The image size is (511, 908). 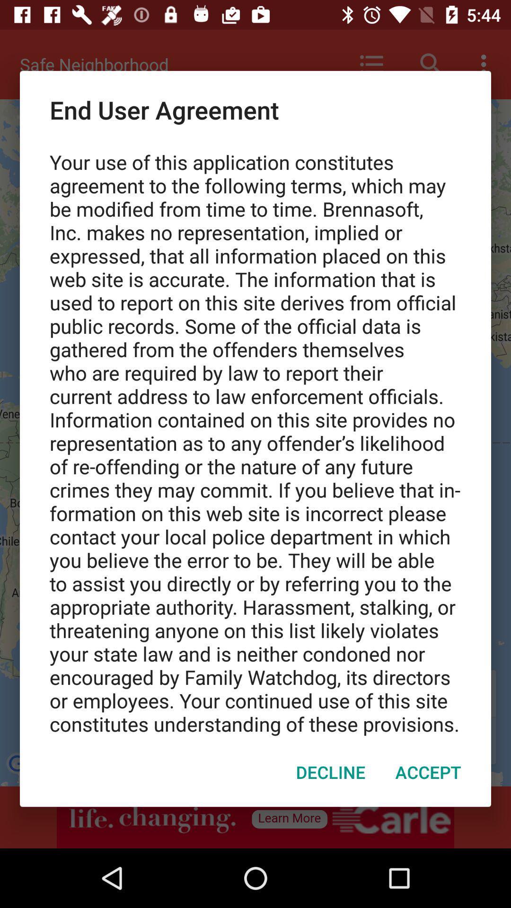 I want to click on the item below your use of icon, so click(x=330, y=772).